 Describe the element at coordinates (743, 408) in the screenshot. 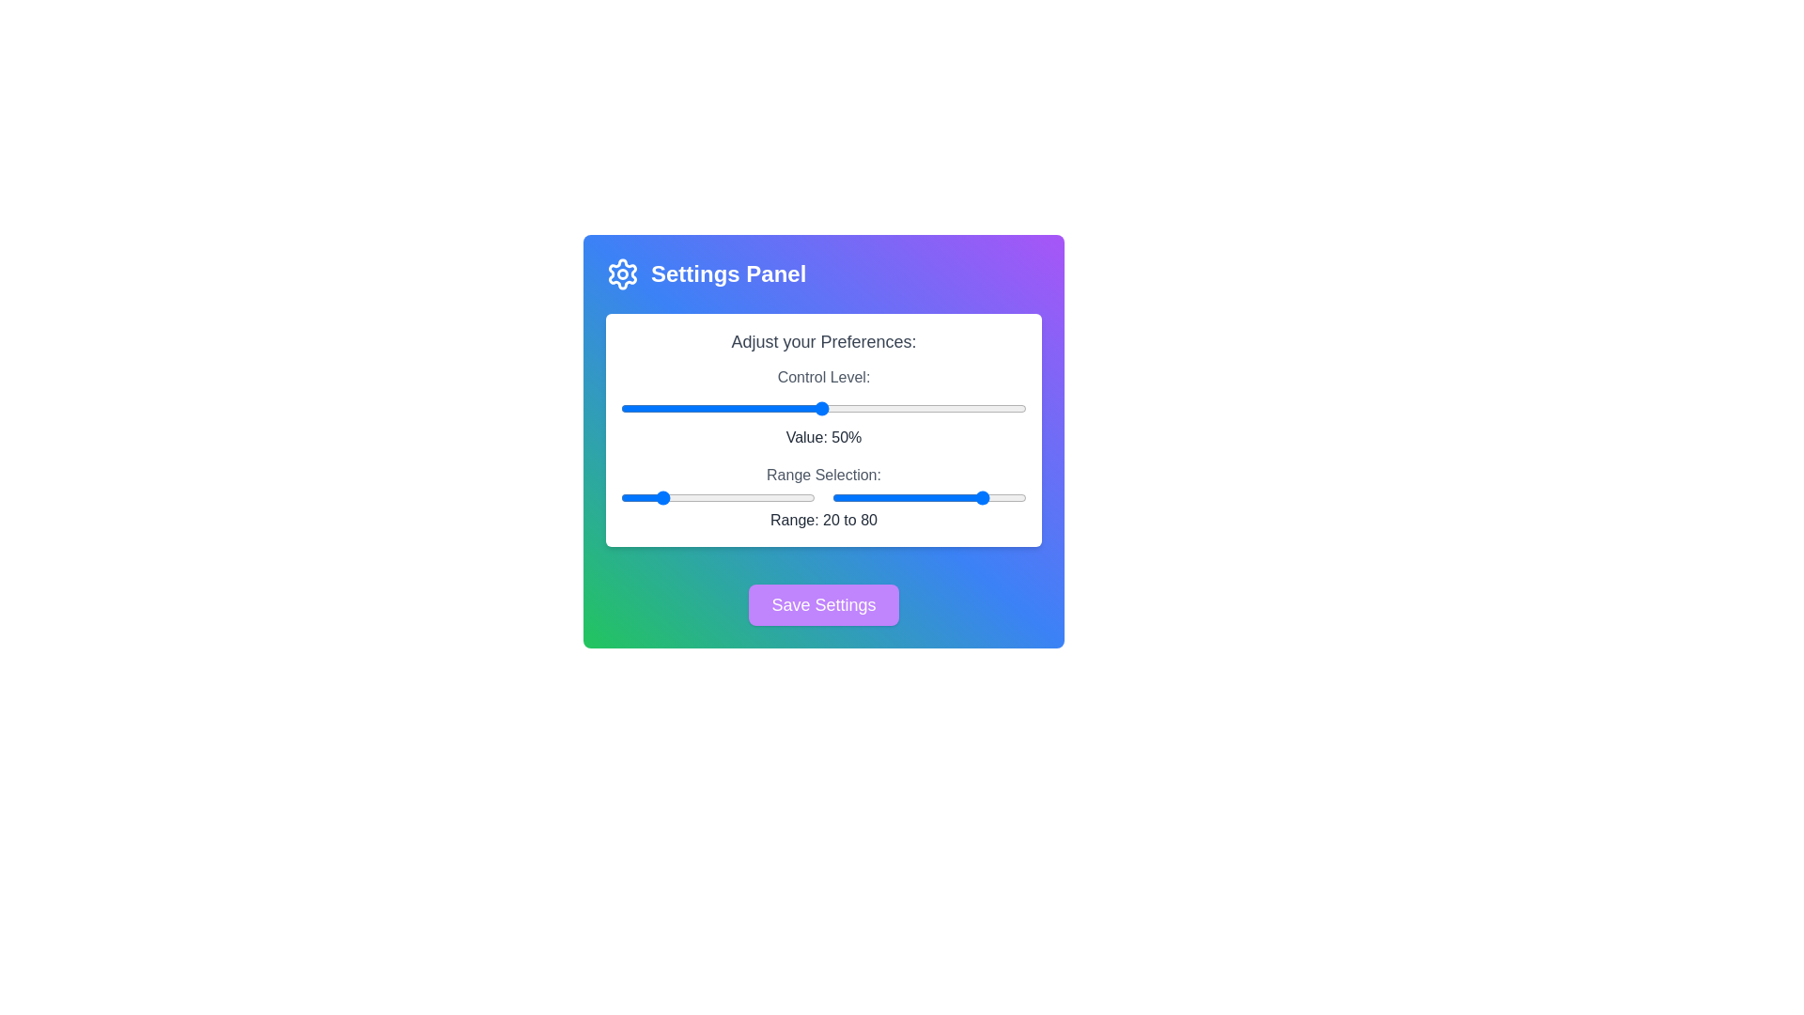

I see `the control level` at that location.